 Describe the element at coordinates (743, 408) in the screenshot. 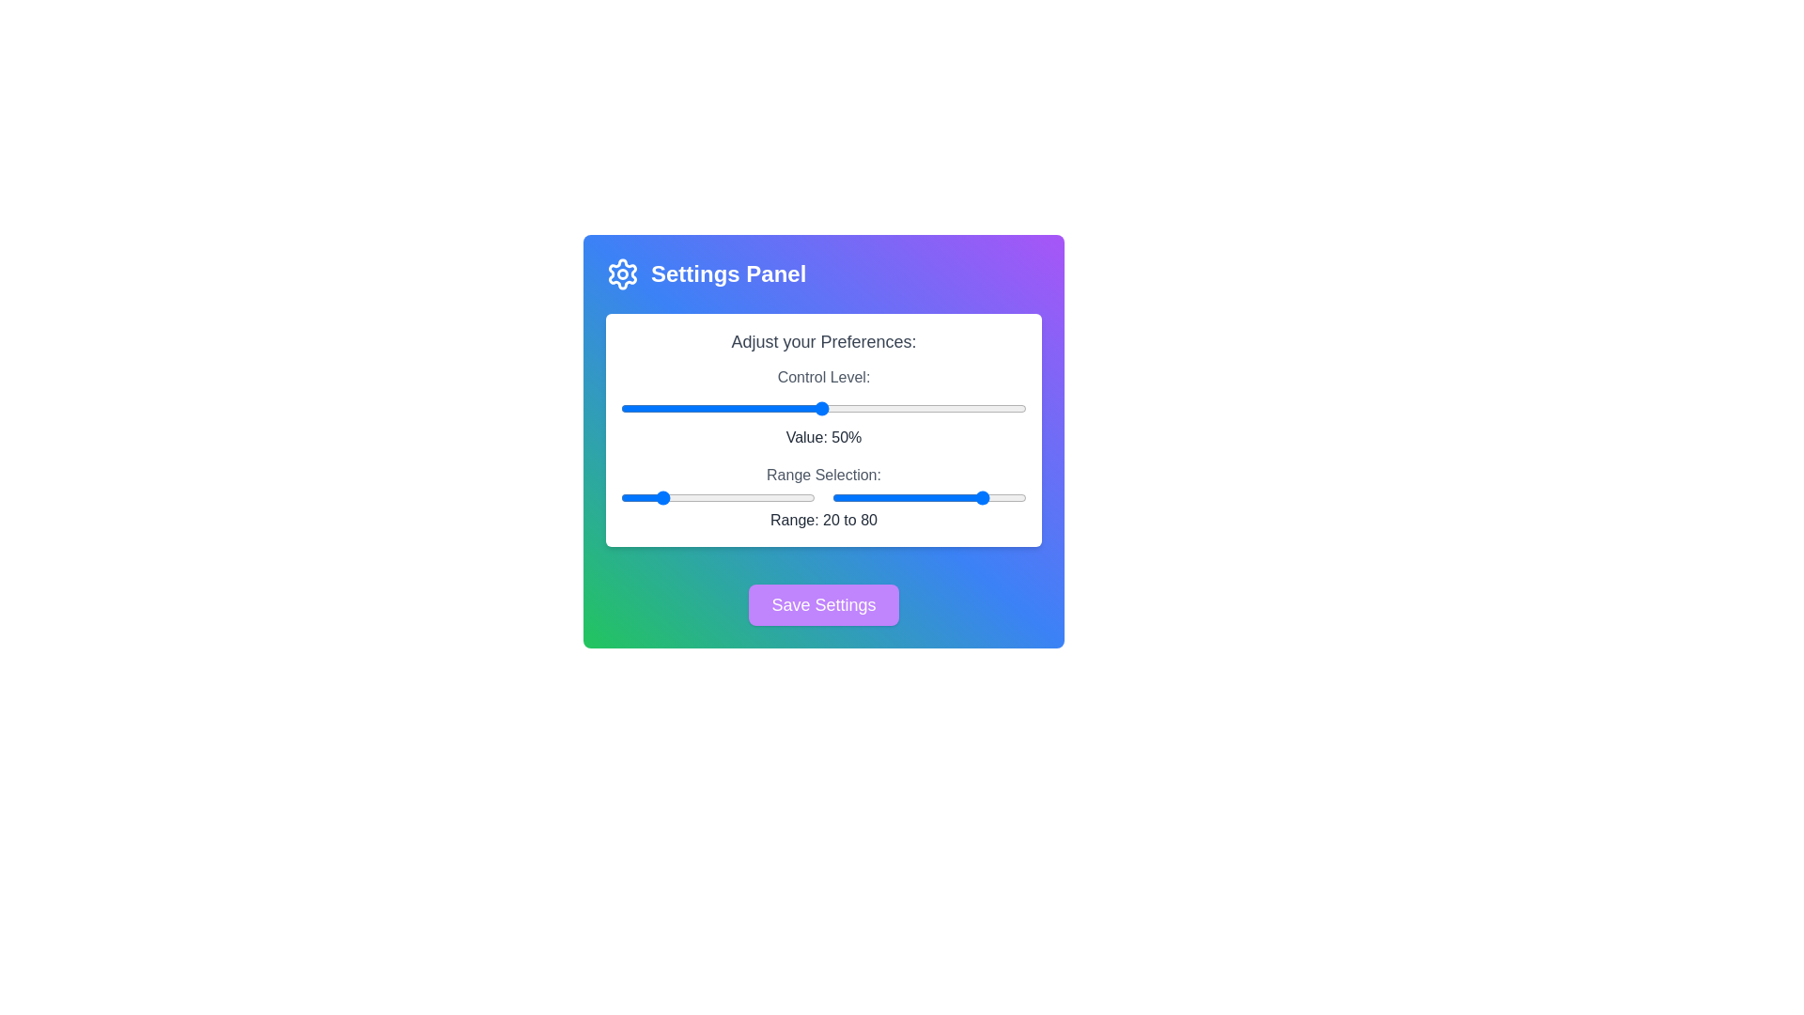

I see `the control level` at that location.